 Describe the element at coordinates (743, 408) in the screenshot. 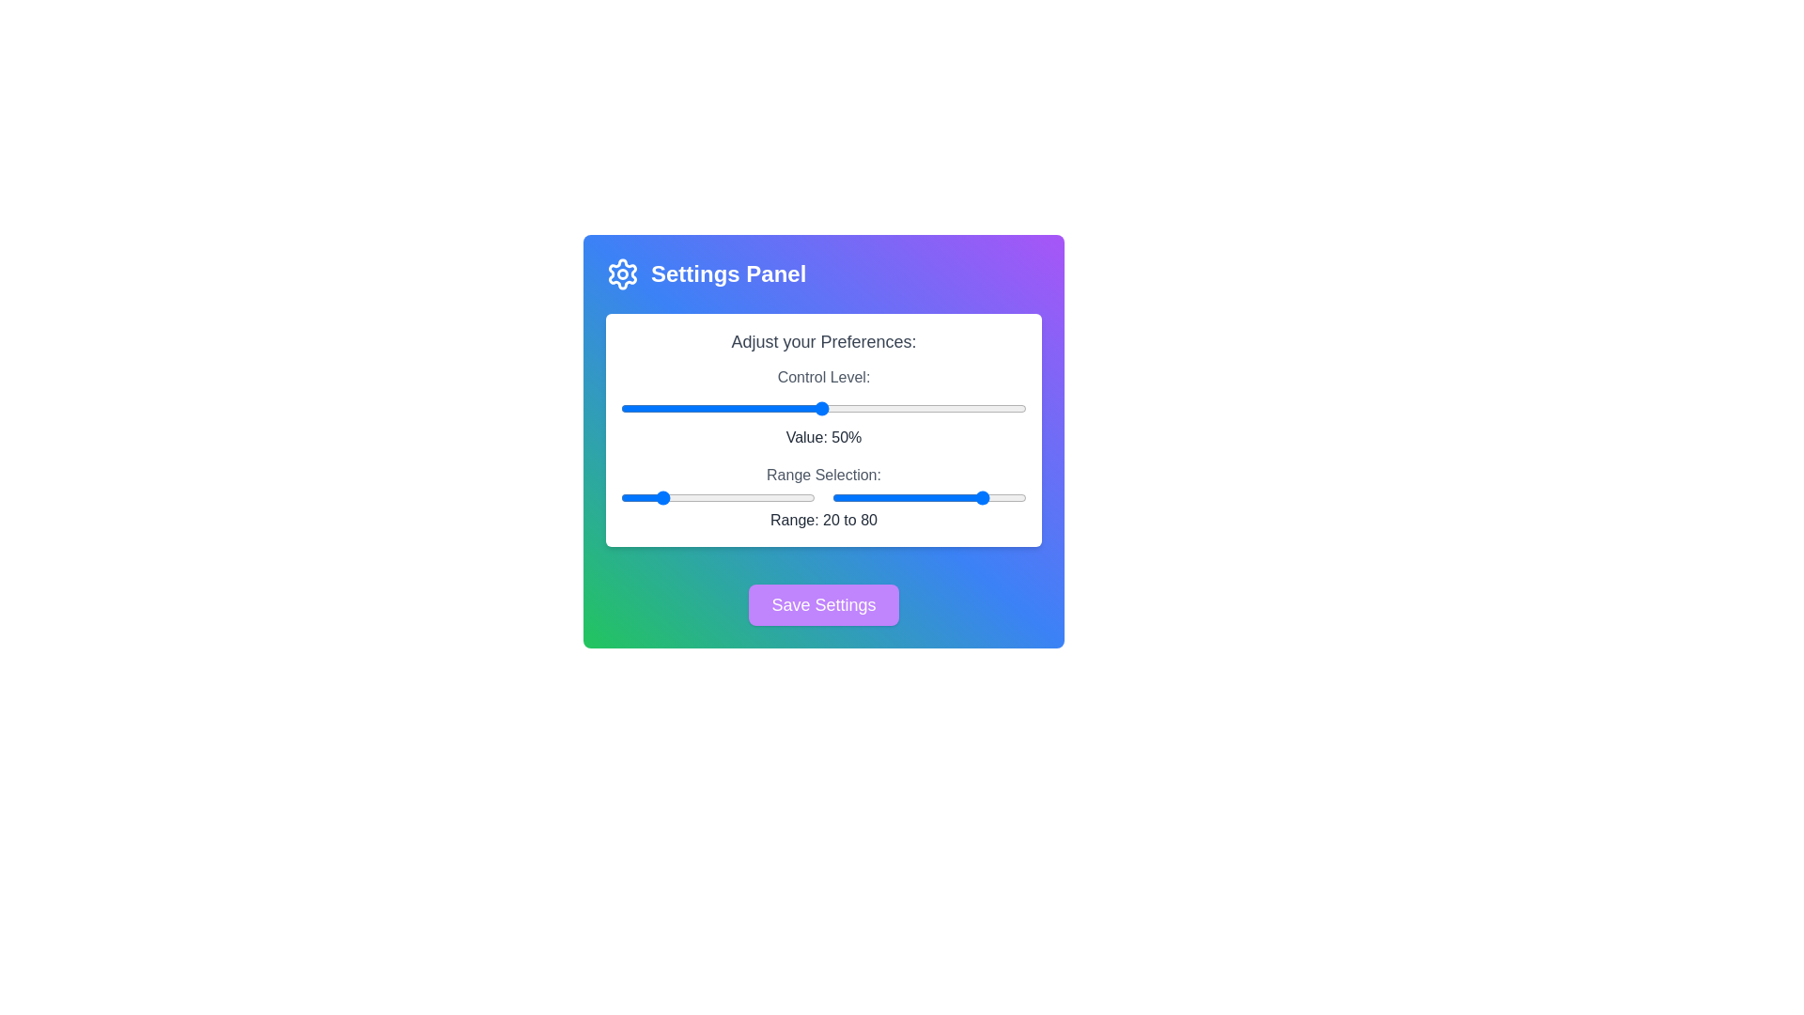

I see `the control level` at that location.